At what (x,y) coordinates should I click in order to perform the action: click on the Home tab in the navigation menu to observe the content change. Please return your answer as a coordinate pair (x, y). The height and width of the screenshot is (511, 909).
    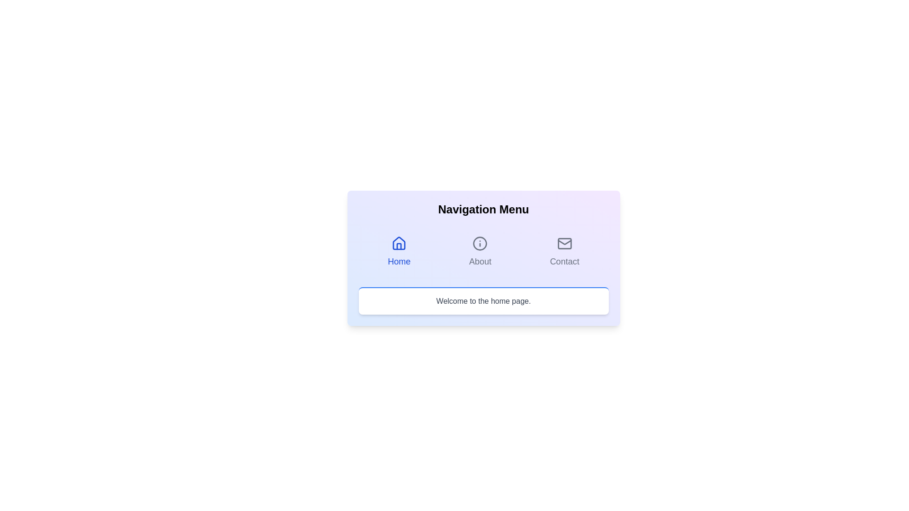
    Looking at the image, I should click on (399, 251).